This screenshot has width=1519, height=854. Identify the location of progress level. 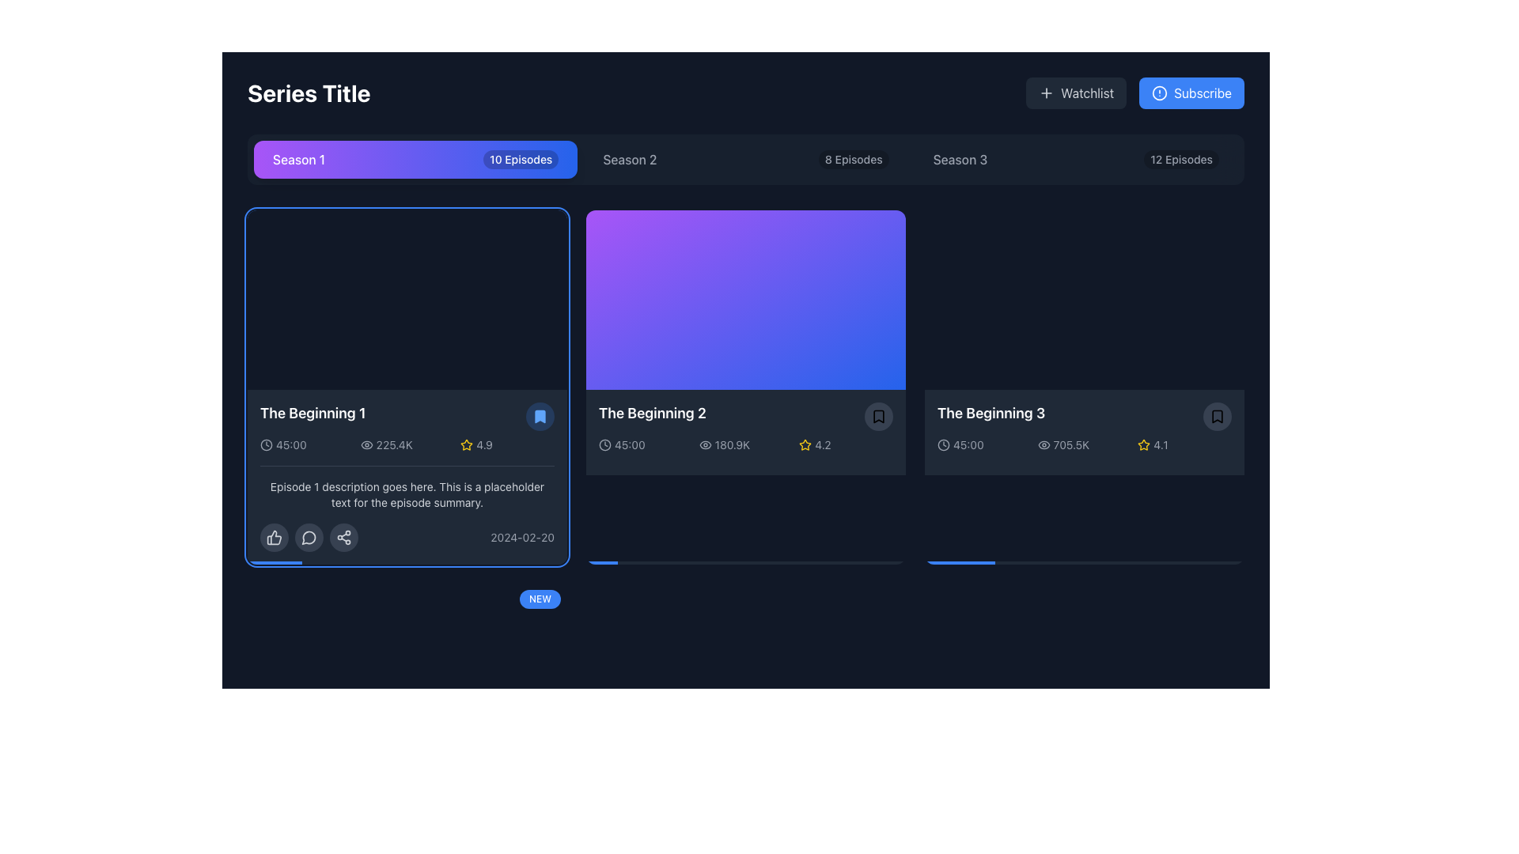
(1103, 562).